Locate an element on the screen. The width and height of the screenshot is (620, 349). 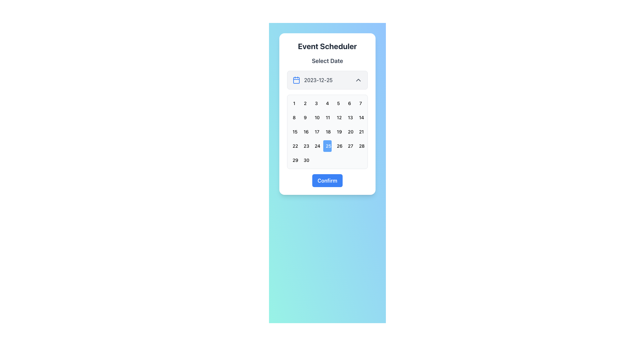
the selectable calendar day button representing the 20th day of the month is located at coordinates (349, 132).